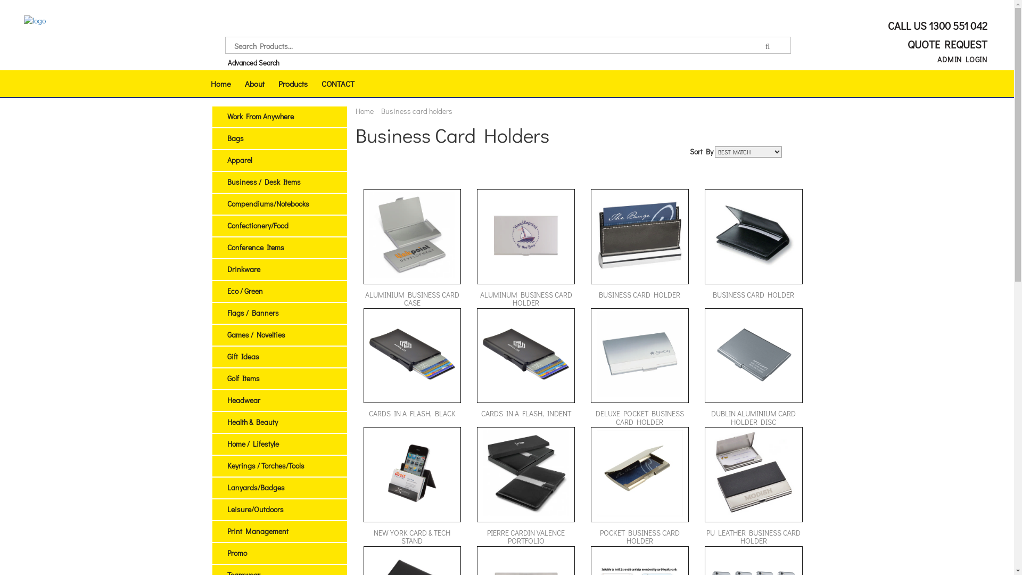 The width and height of the screenshot is (1022, 575). I want to click on 'ALUMINIUM BUSINESS CARD CASE', so click(411, 248).